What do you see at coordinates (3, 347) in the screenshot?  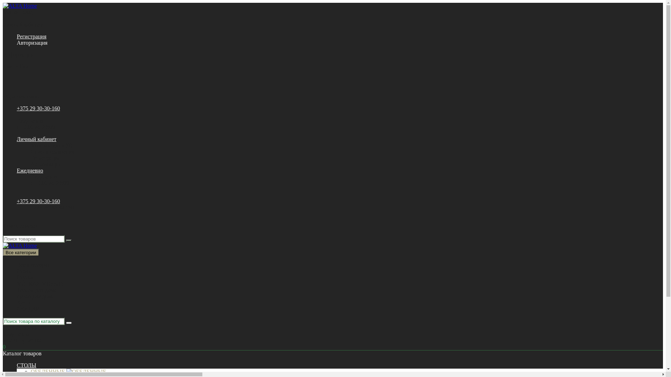 I see `'0'` at bounding box center [3, 347].